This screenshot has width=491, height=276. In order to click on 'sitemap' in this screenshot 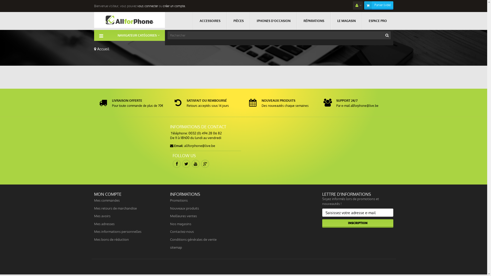, I will do `click(170, 247)`.